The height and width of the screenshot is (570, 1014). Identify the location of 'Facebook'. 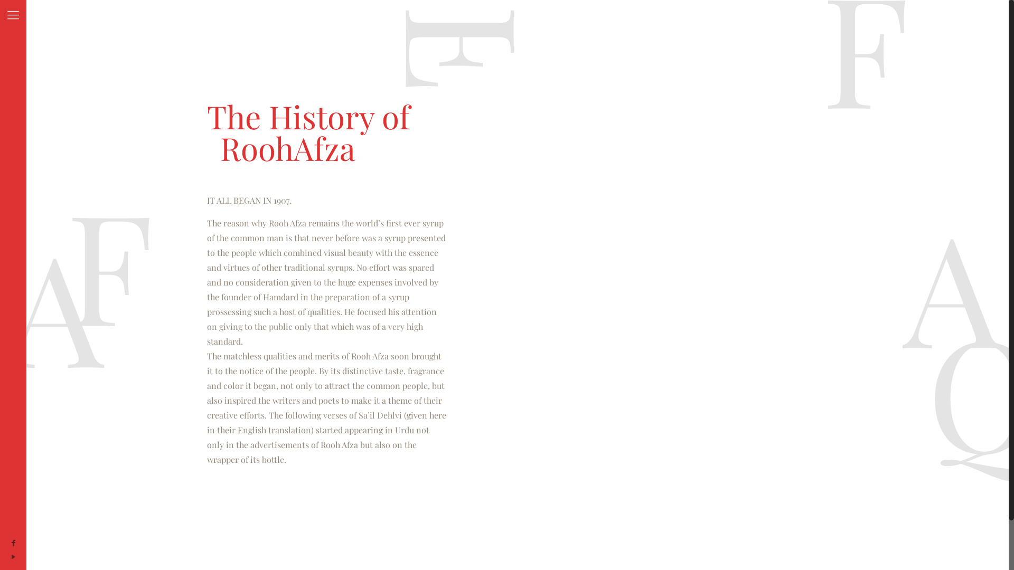
(13, 543).